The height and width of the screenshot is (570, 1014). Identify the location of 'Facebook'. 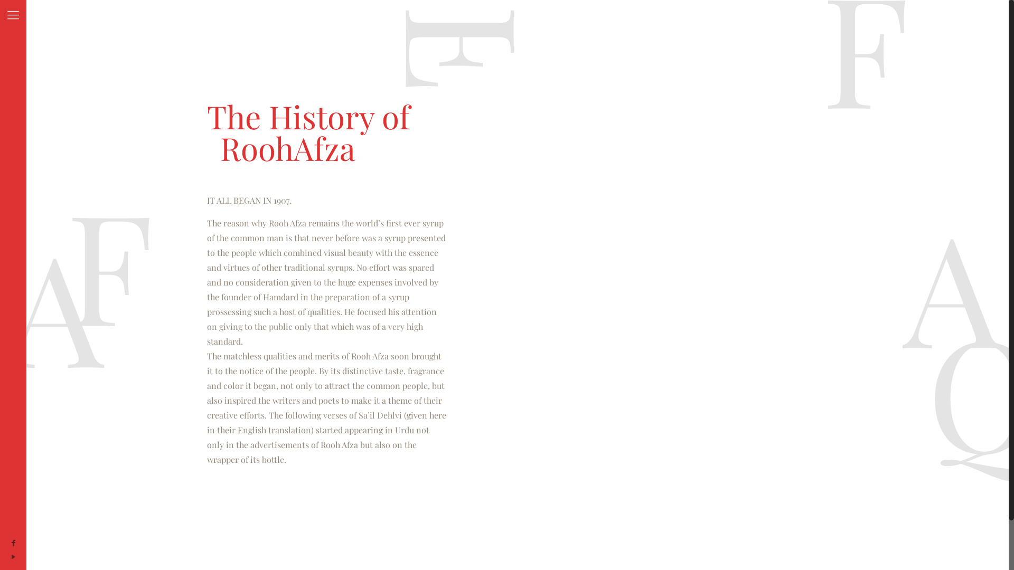
(13, 543).